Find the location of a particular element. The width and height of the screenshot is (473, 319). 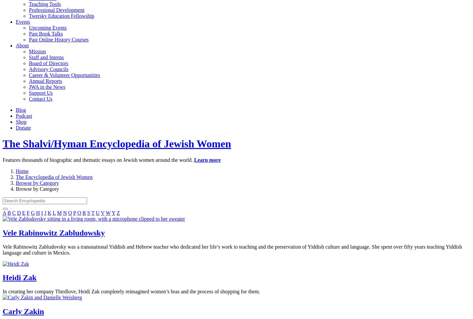

'In creating her company Thirdlove, Heidi Zak completely reimagined women’s bras and the process of shopping for them.' is located at coordinates (131, 291).